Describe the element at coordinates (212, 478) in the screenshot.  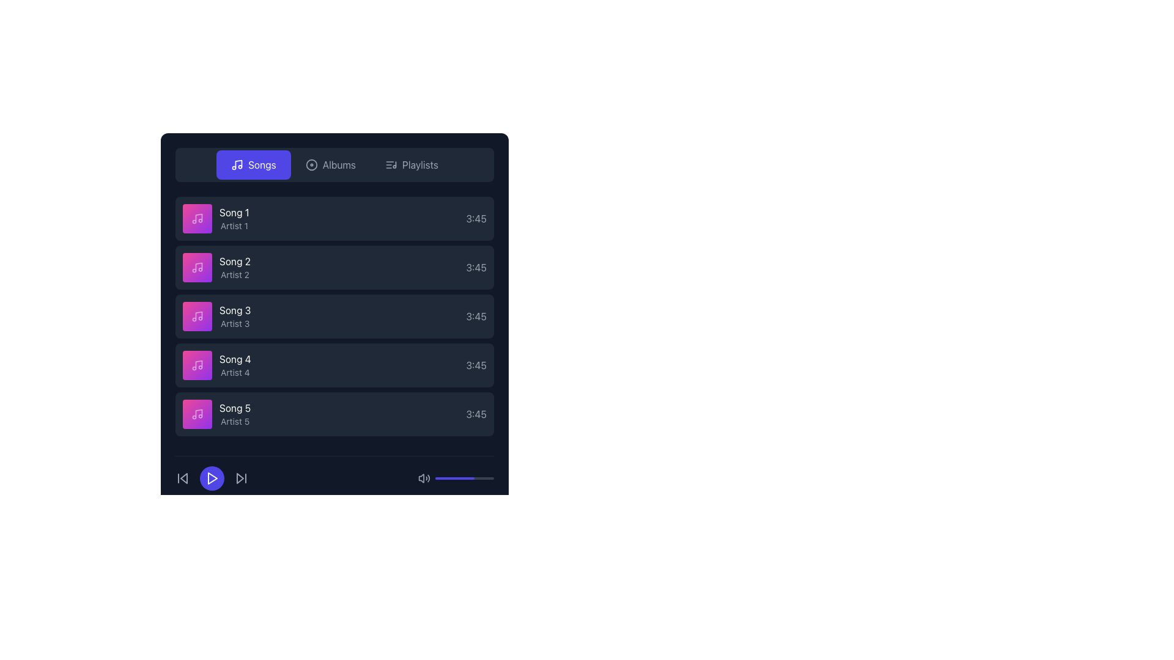
I see `the circular button with a purple background and a white triangular play symbol` at that location.